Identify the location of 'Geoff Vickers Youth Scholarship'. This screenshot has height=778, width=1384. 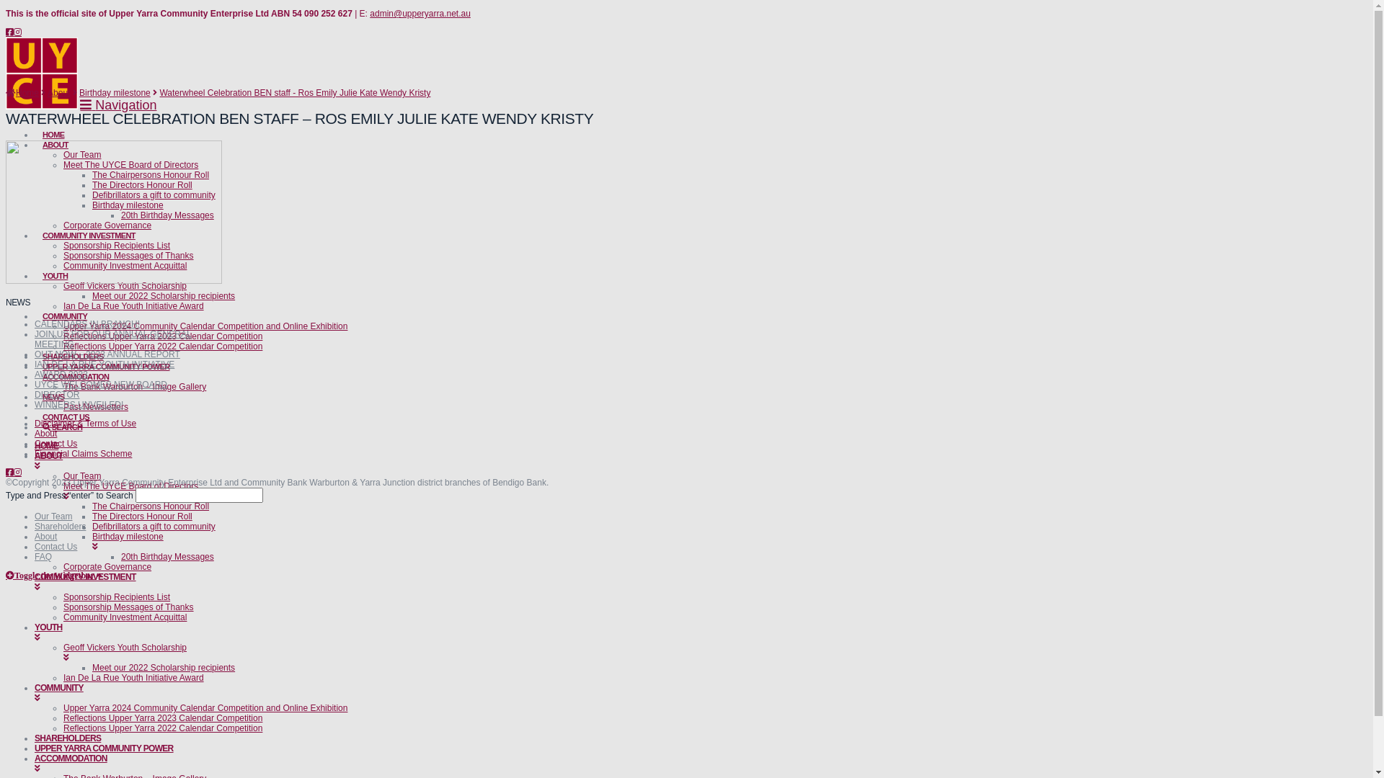
(125, 286).